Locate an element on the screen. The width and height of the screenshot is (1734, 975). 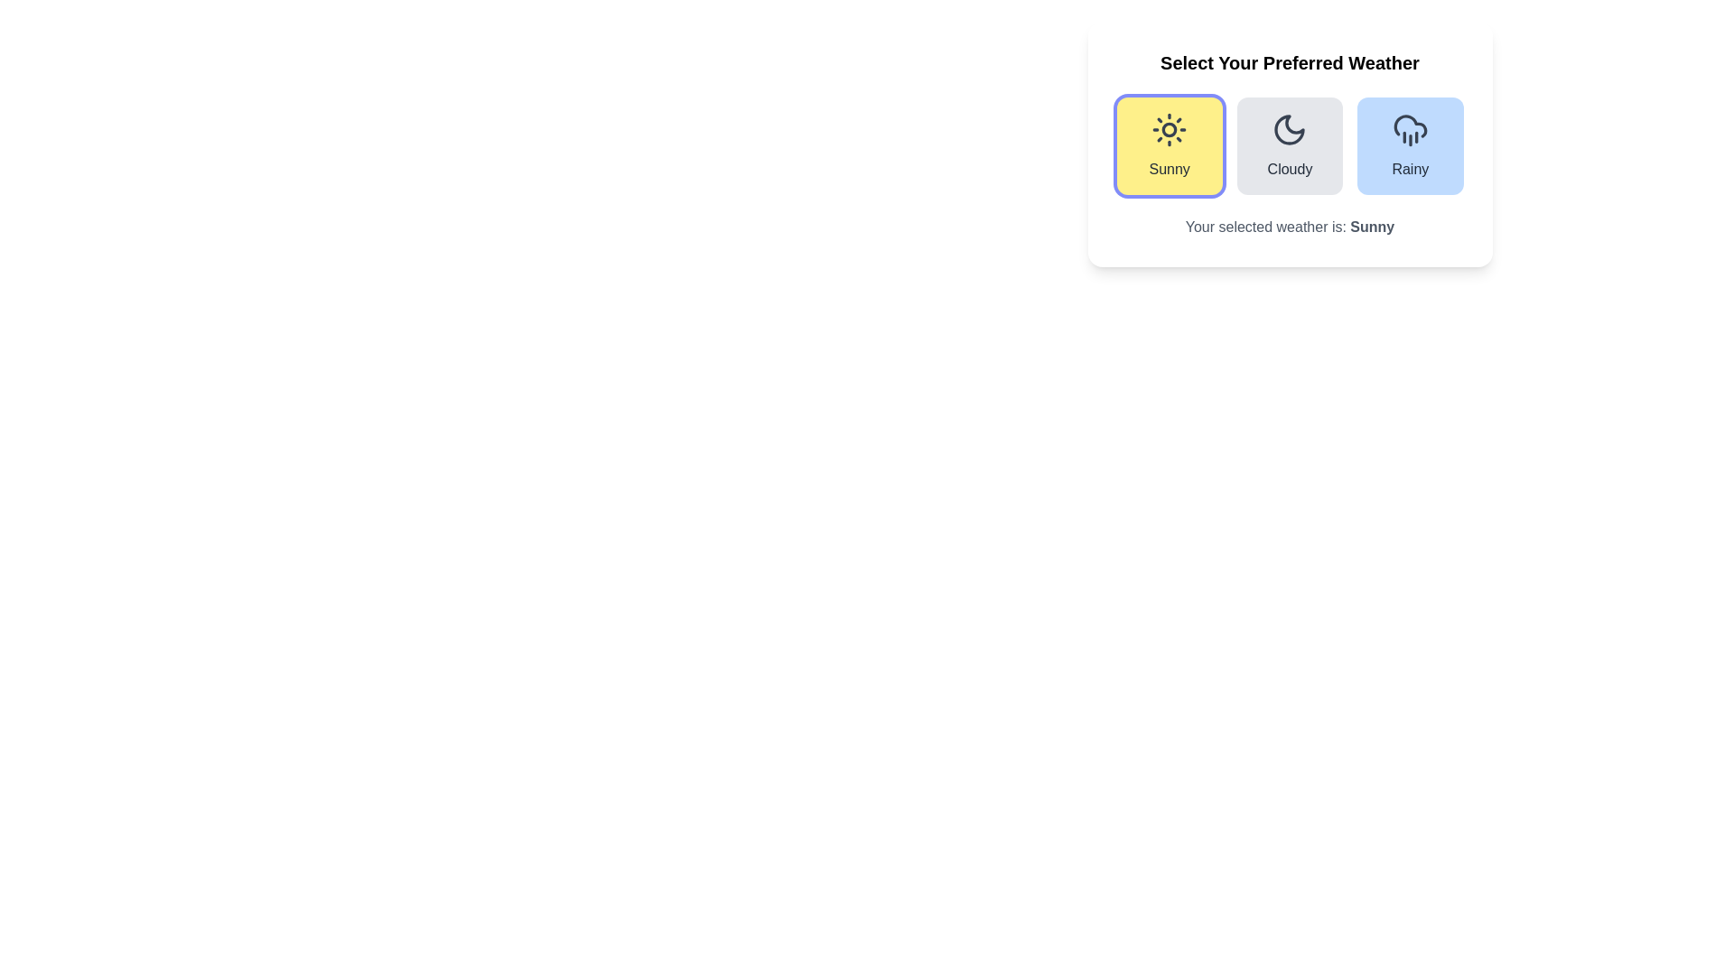
the sun icon located in the highlighted section labeled 'Sunny', which is positioned above the word 'Sunny' within the weather options is located at coordinates (1170, 128).